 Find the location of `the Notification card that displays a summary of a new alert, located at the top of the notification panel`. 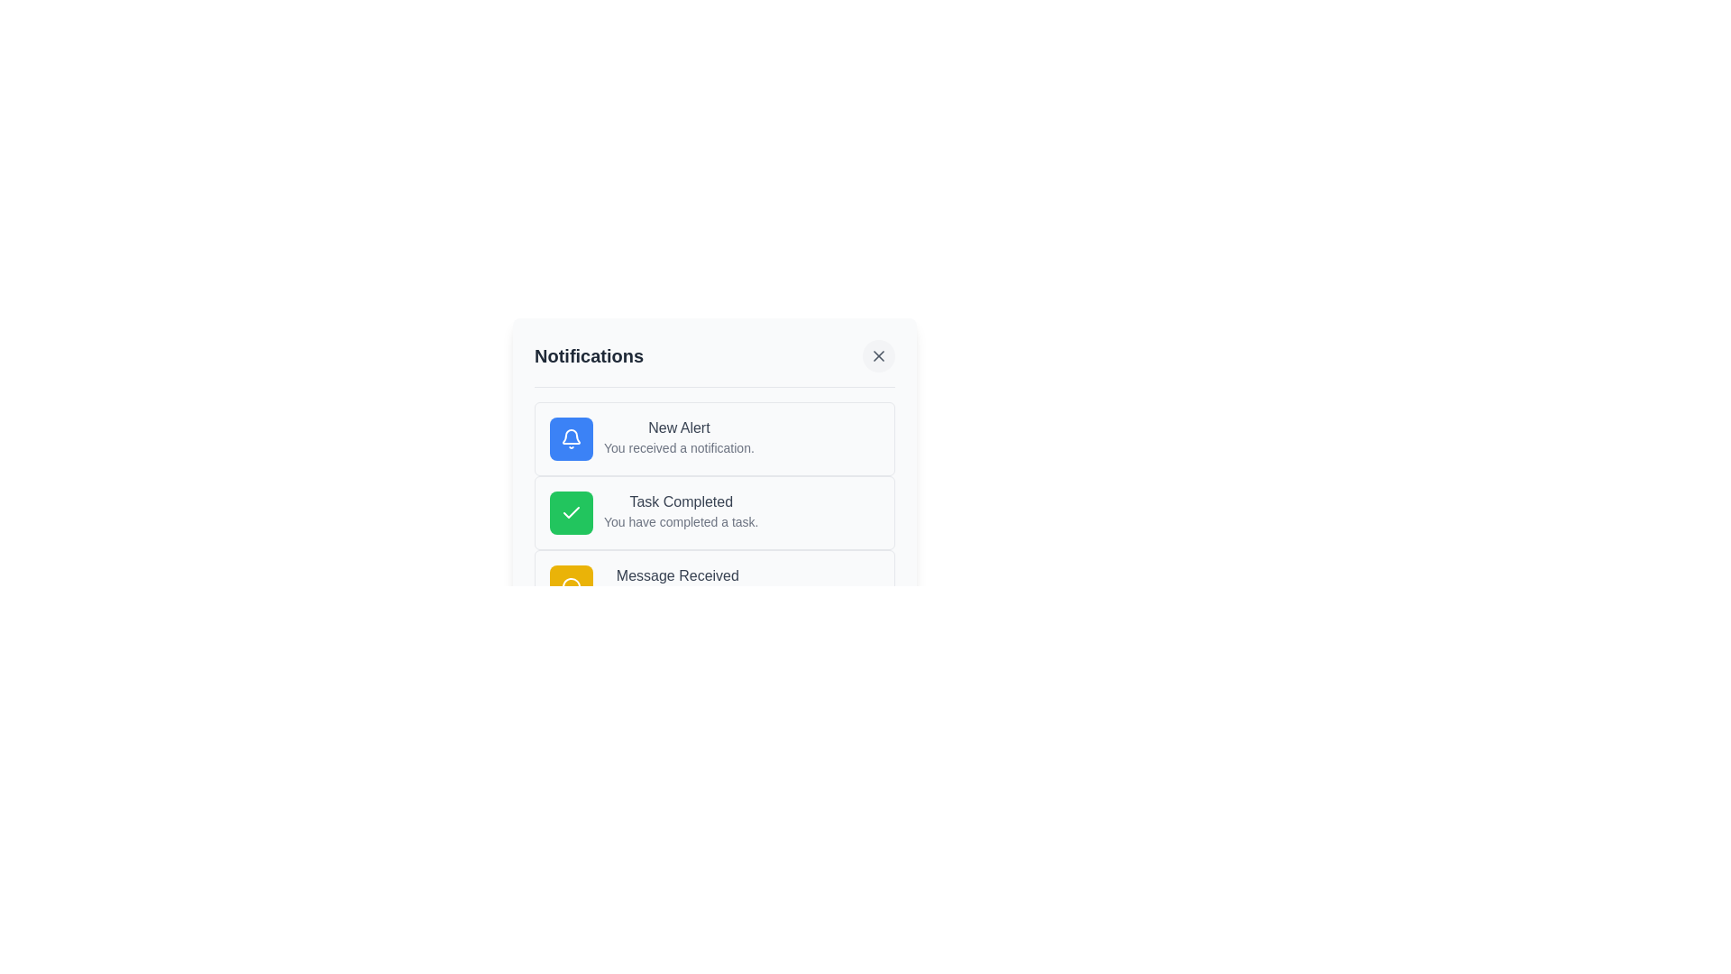

the Notification card that displays a summary of a new alert, located at the top of the notification panel is located at coordinates (713, 438).